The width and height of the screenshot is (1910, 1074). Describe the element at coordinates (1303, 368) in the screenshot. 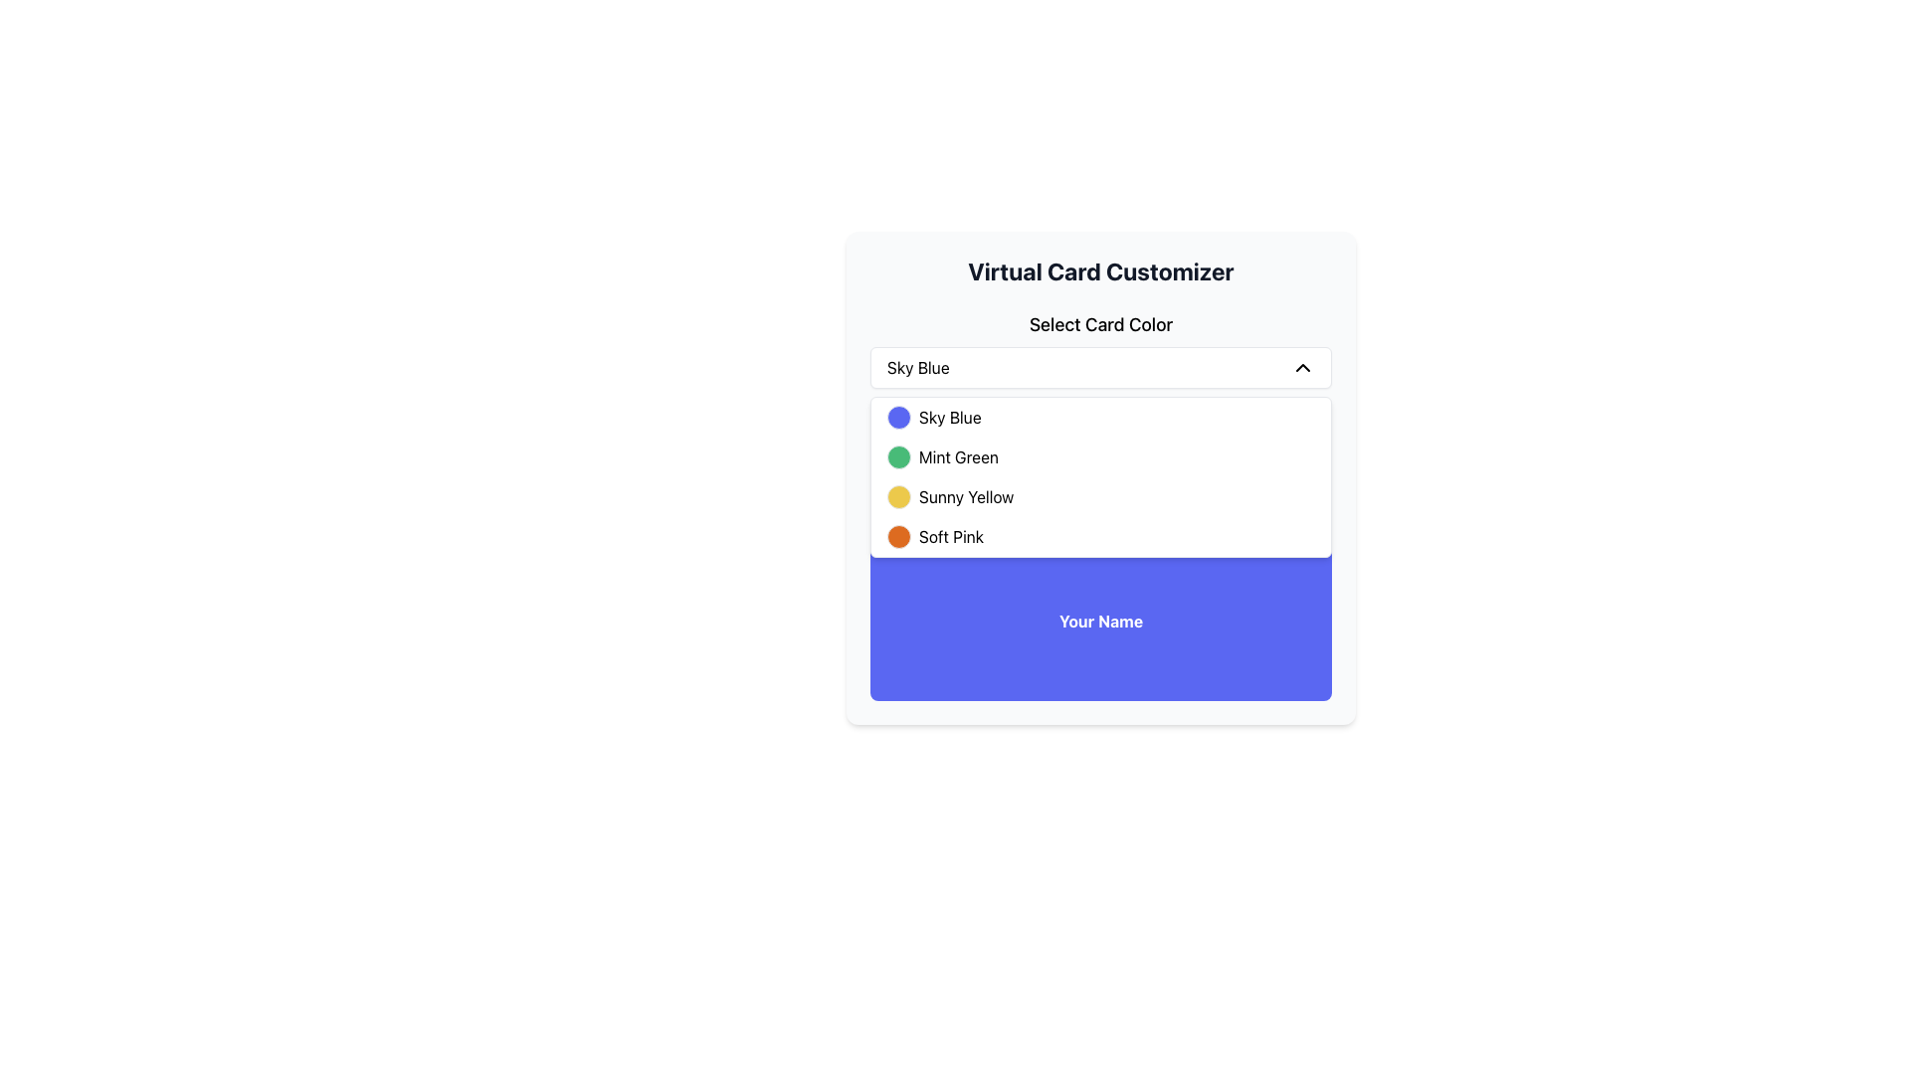

I see `the chevron-up icon located at the far right of the 'Sky Blue' dropdown menu header` at that location.